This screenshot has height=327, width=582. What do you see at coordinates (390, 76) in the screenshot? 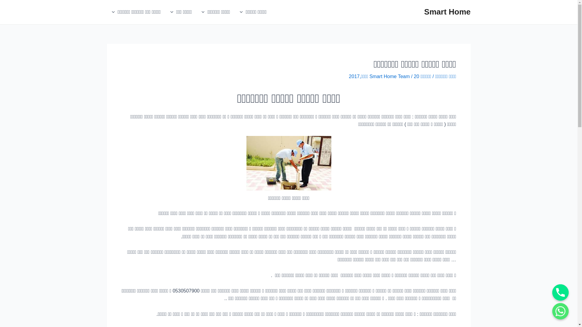
I see `'Smart Home Team'` at bounding box center [390, 76].